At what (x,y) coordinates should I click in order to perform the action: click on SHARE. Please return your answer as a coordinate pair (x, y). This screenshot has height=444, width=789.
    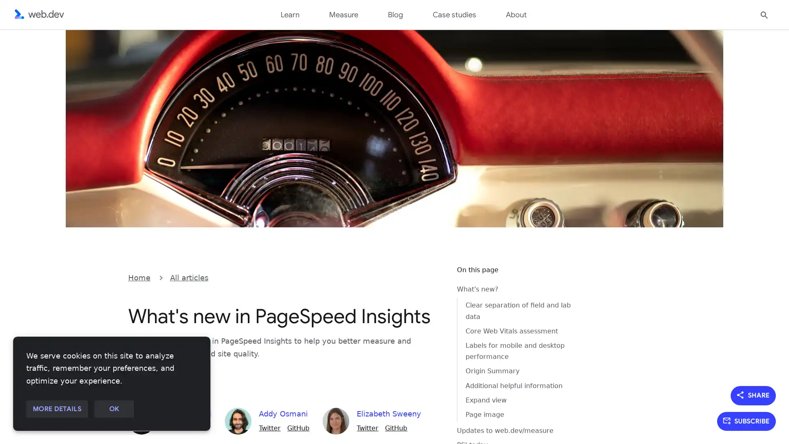
    Looking at the image, I should click on (753, 395).